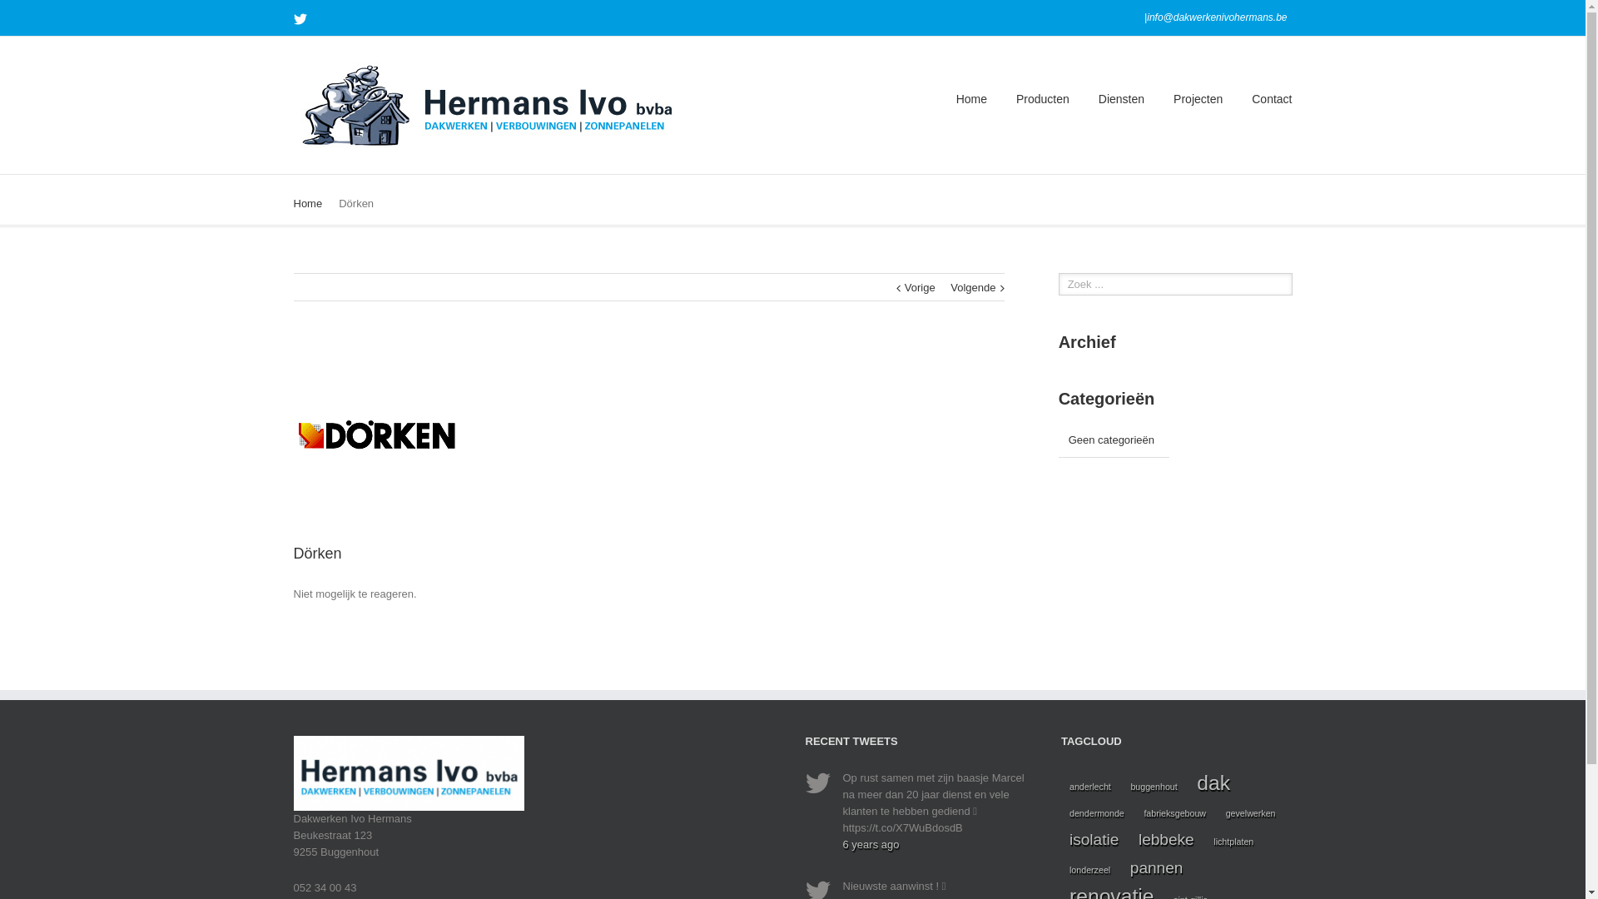 The width and height of the screenshot is (1598, 899). Describe the element at coordinates (1122, 787) in the screenshot. I see `'buggenhout'` at that location.